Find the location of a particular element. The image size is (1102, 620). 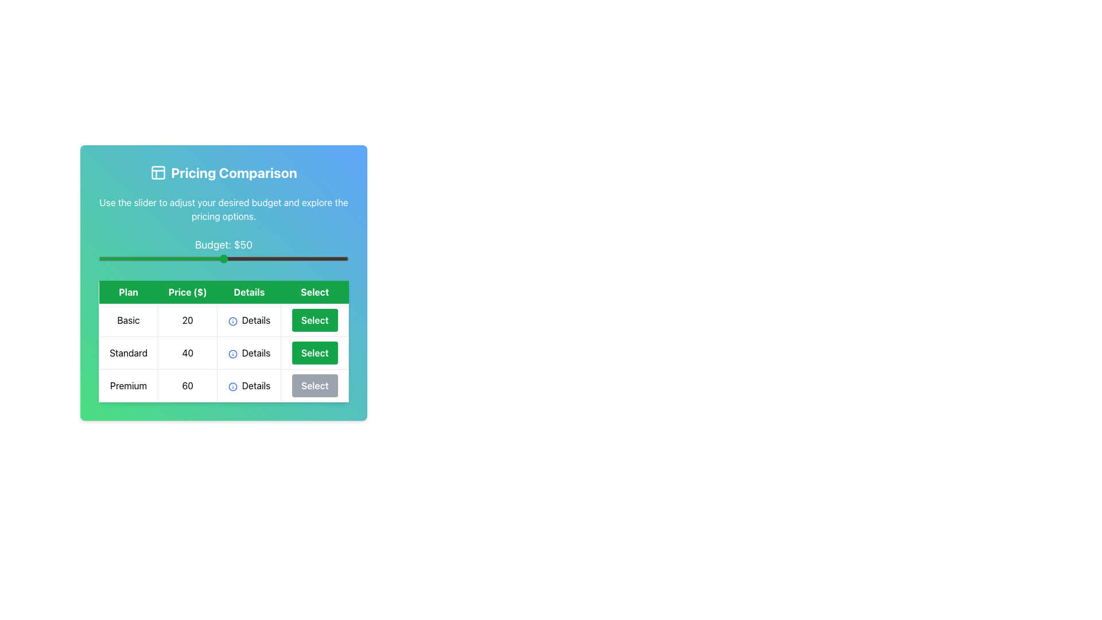

the 'Details' button in the third column of the table row for the 'Standard' plan is located at coordinates (249, 352).